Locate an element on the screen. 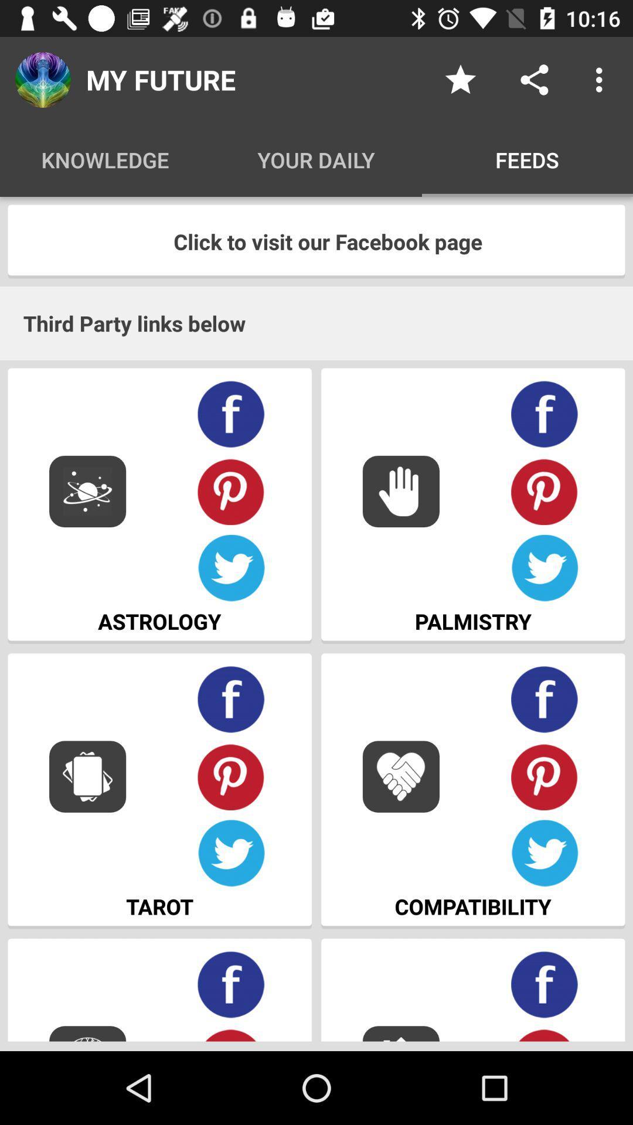 Image resolution: width=633 pixels, height=1125 pixels. share to twitter is located at coordinates (544, 853).